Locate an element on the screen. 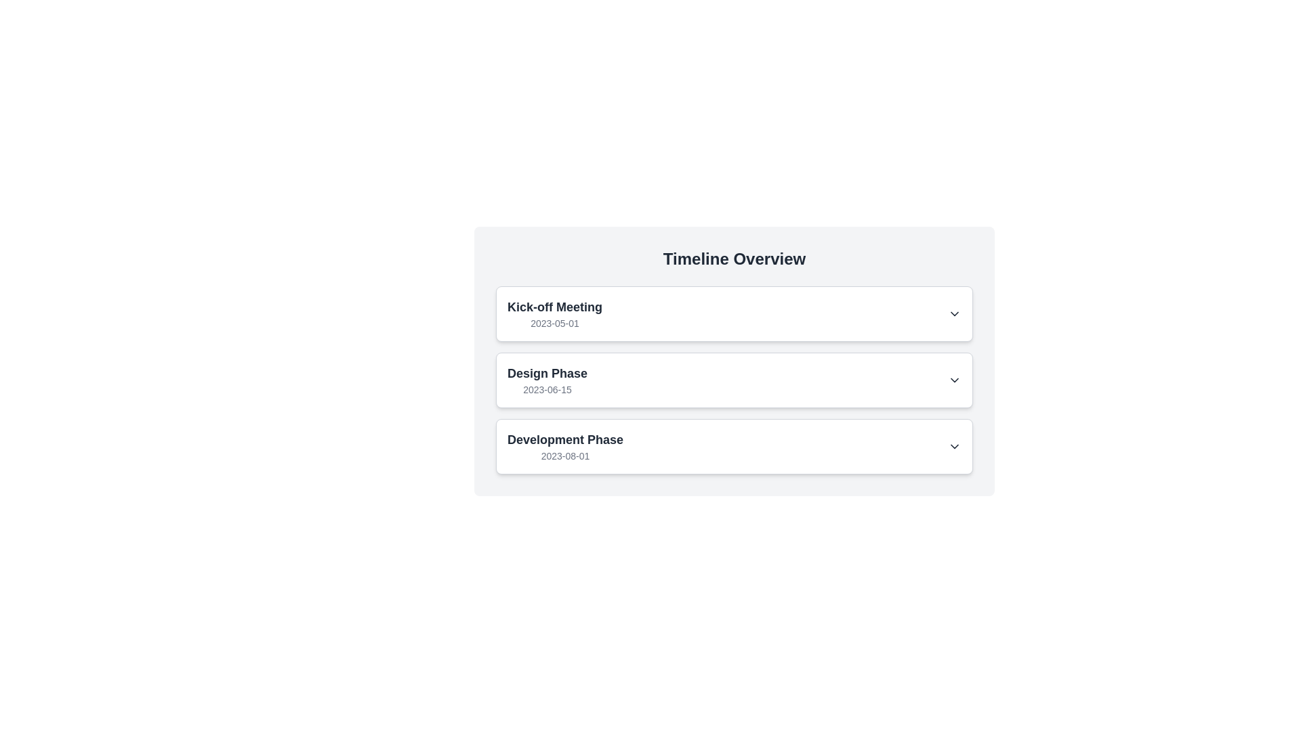 This screenshot has width=1301, height=731. the topmost selectable list item in the 'Timeline Overview' section, which displays 'Kick-off Meeting' and '2023-05-01' is located at coordinates (734, 313).